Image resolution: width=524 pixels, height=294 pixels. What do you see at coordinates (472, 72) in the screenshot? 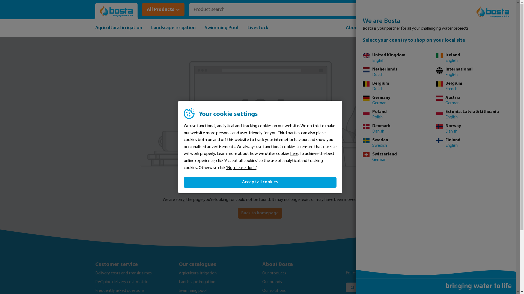
I see `'International` at bounding box center [472, 72].